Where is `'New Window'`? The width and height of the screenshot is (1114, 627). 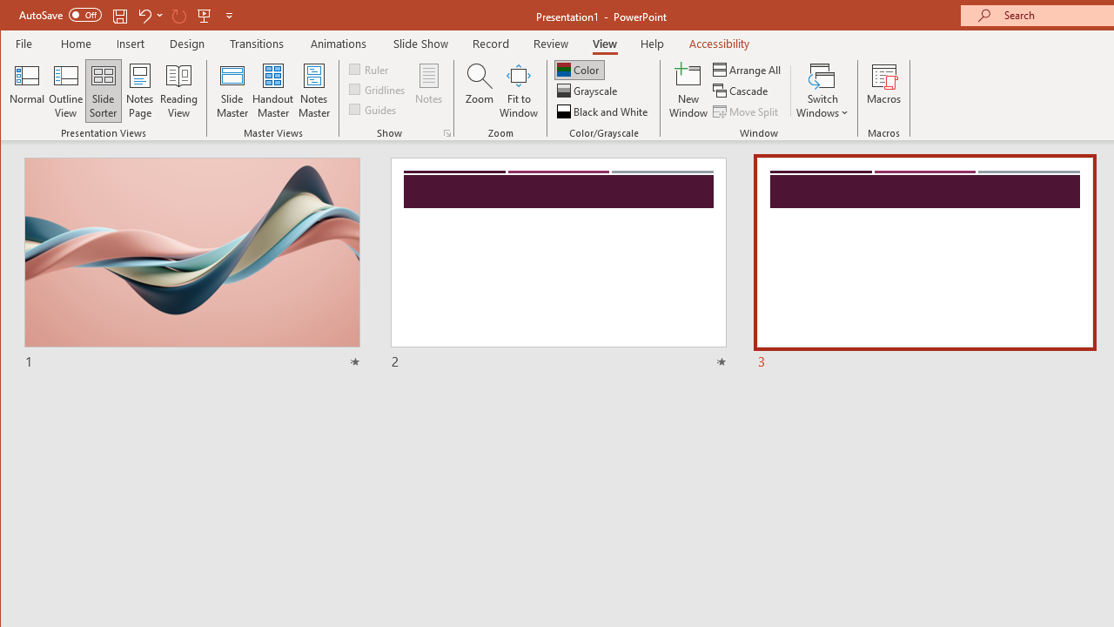 'New Window' is located at coordinates (688, 91).